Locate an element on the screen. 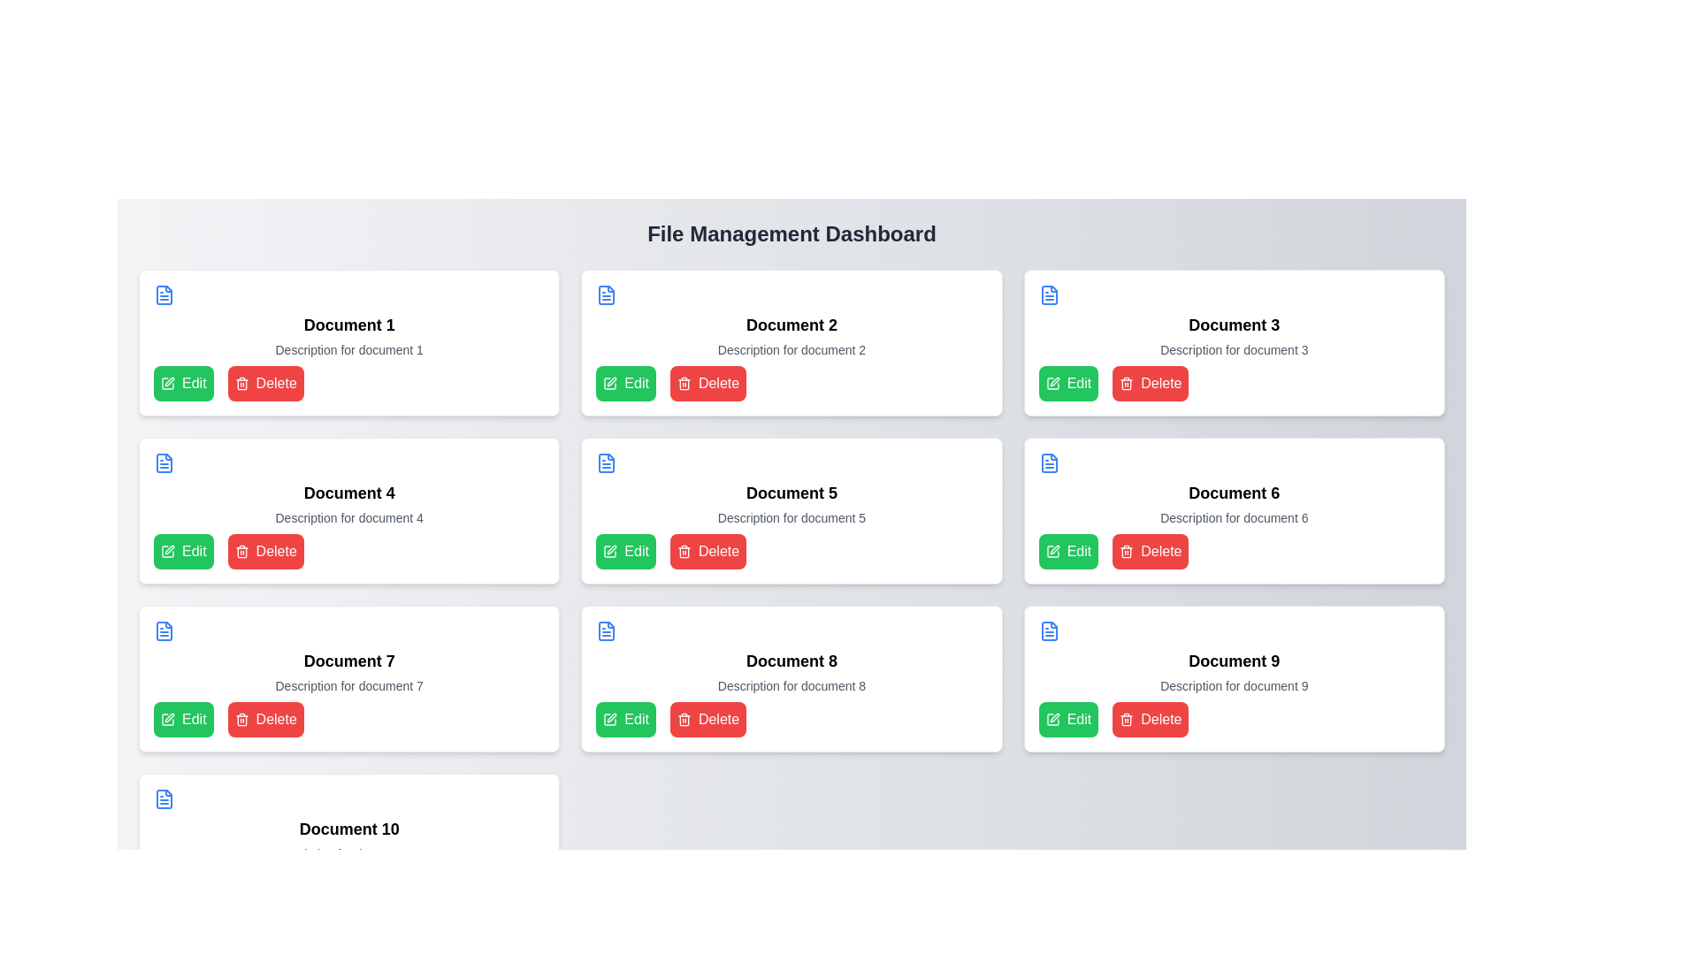 This screenshot has width=1698, height=955. the 'Delete' button with a red background and white text located in the 'Document 2' card is located at coordinates (708, 383).